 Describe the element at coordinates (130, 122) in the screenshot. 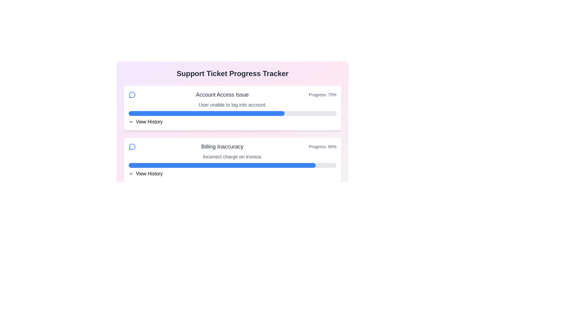

I see `the chevron icon located to the left of the 'View History' text to trigger a tooltip or style change` at that location.